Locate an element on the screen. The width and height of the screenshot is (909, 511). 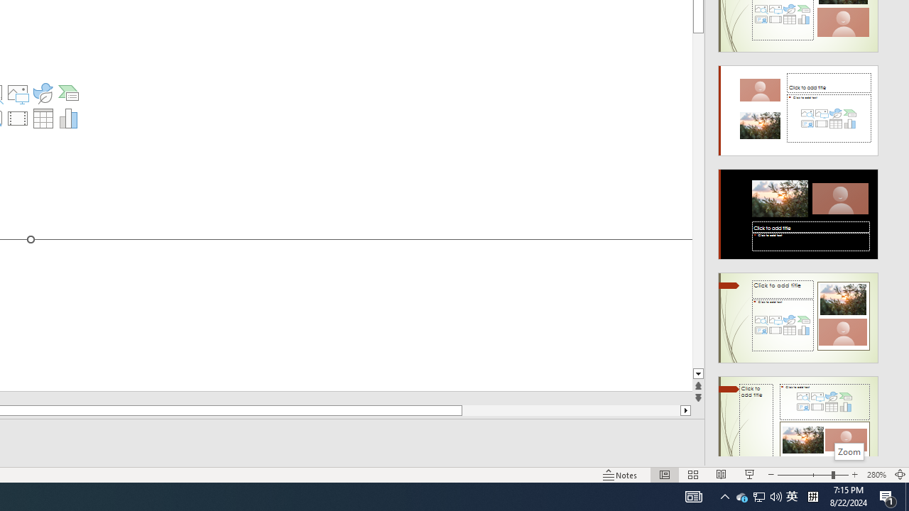
'Zoom Out' is located at coordinates (804, 475).